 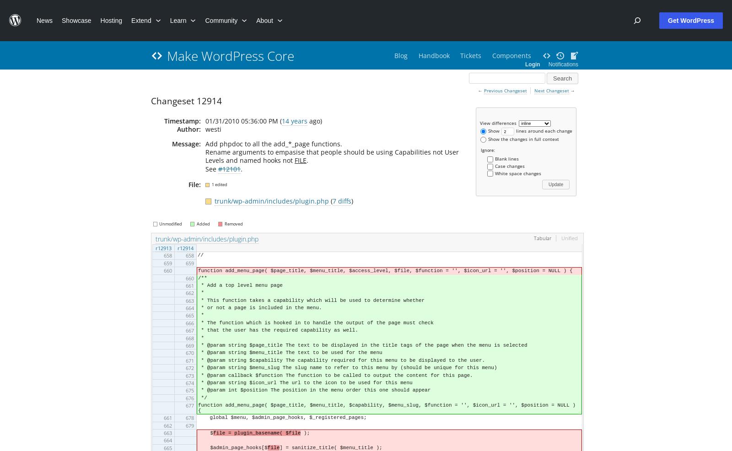 What do you see at coordinates (163, 247) in the screenshot?
I see `'r12913'` at bounding box center [163, 247].